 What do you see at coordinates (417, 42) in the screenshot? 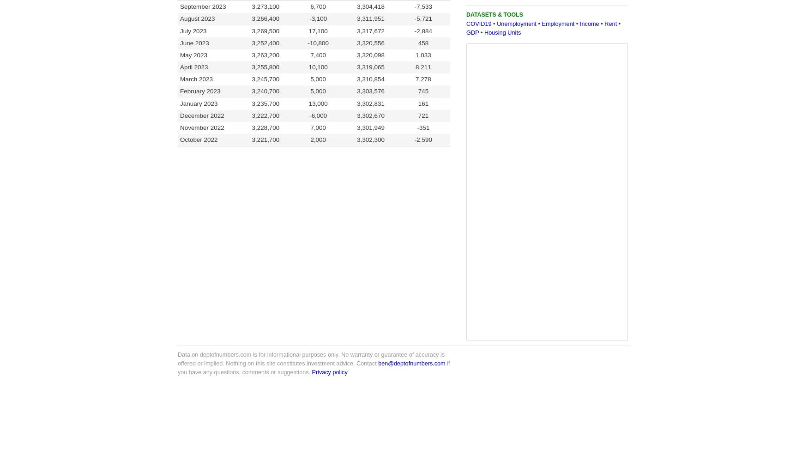
I see `'458'` at bounding box center [417, 42].